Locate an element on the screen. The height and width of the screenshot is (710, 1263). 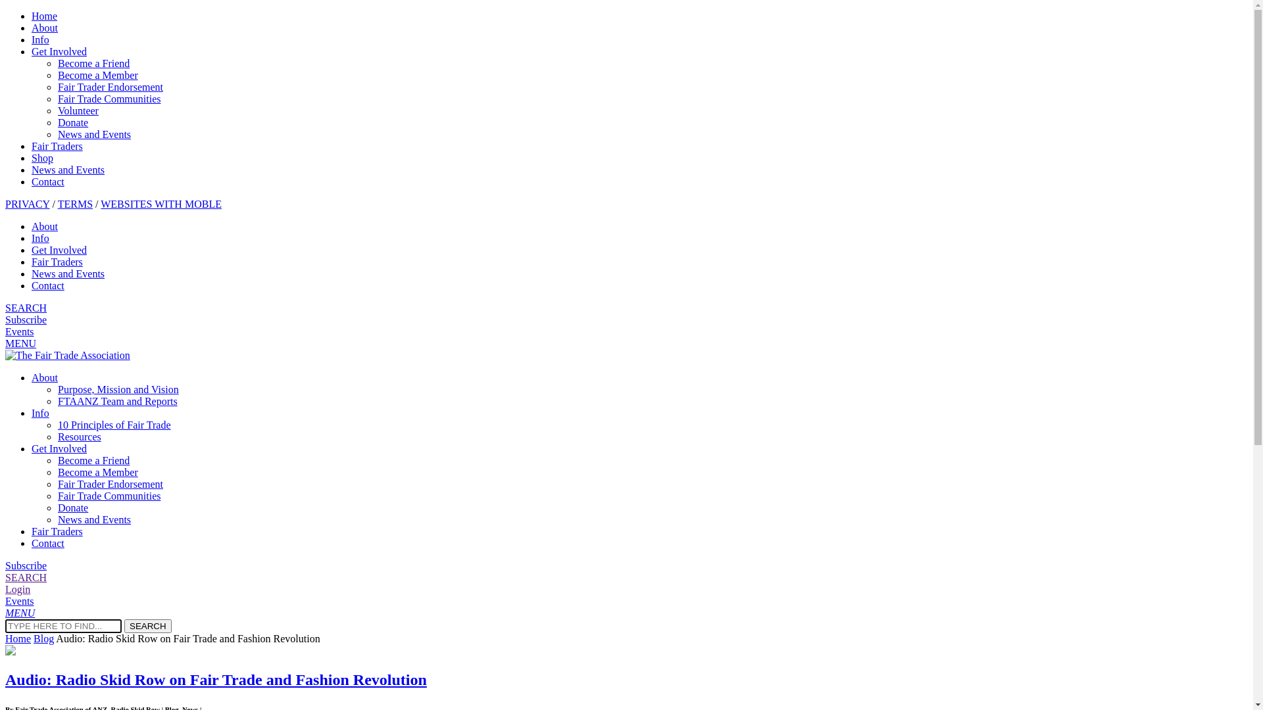
'Info' is located at coordinates (32, 39).